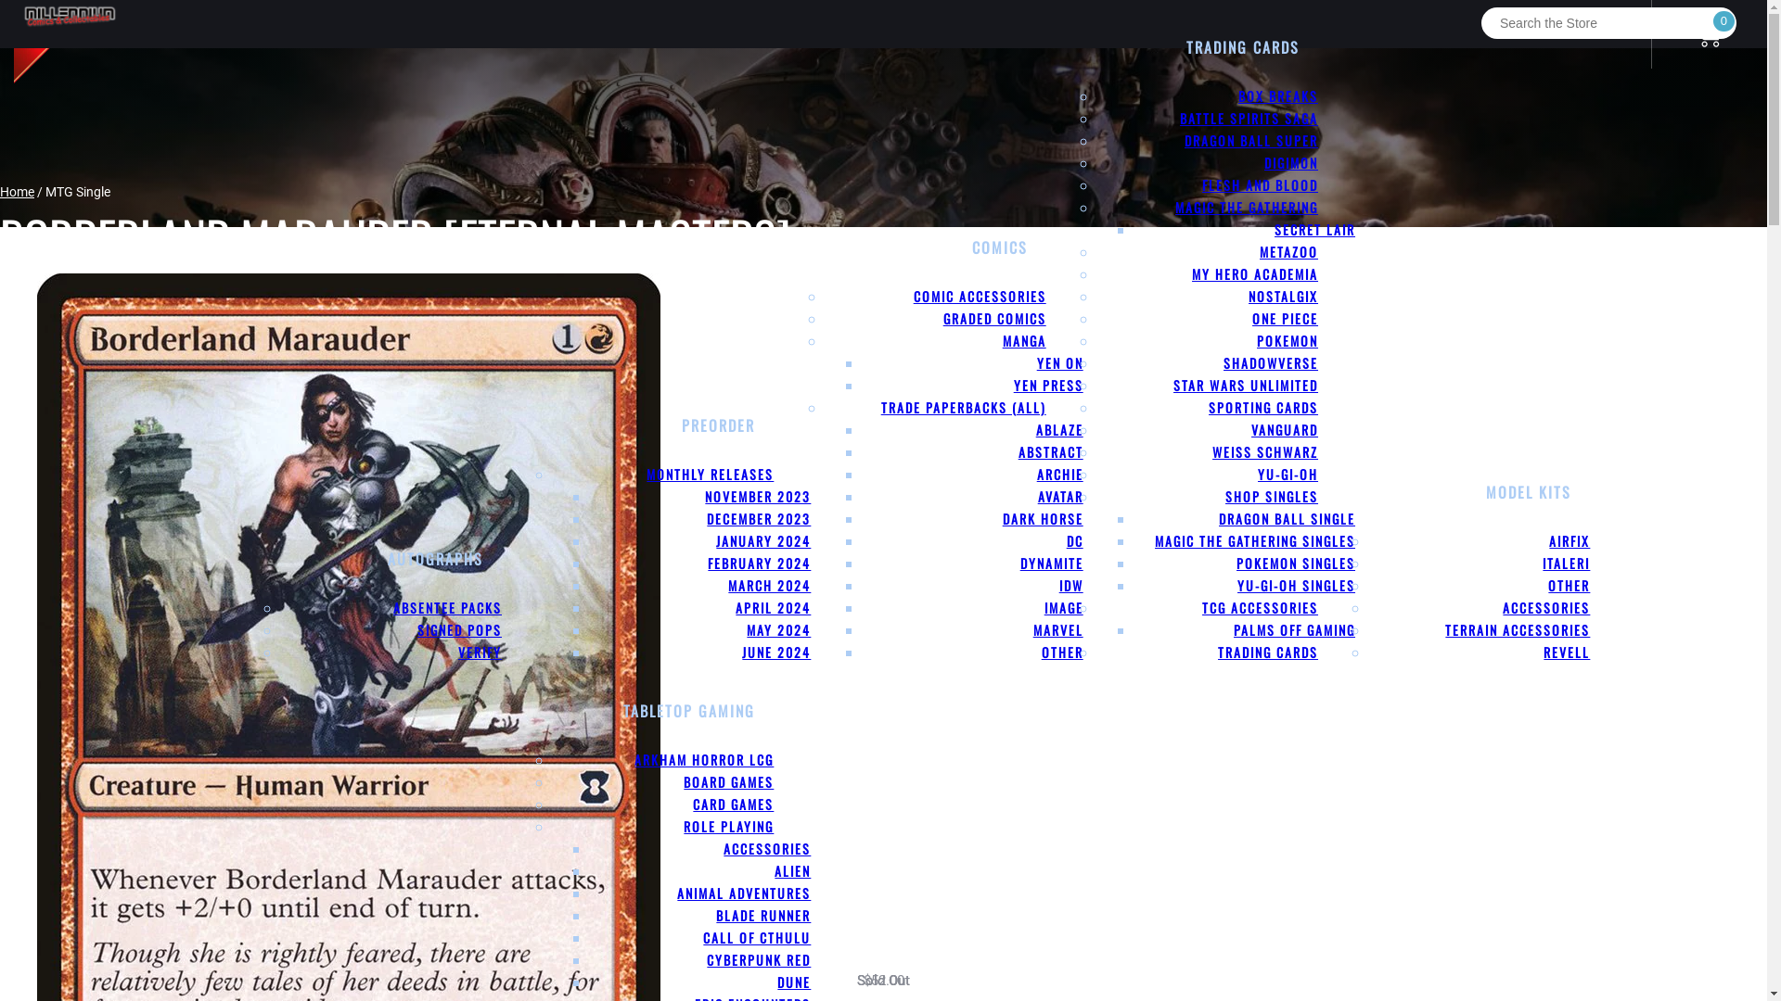  I want to click on 'METAZOO', so click(1288, 251).